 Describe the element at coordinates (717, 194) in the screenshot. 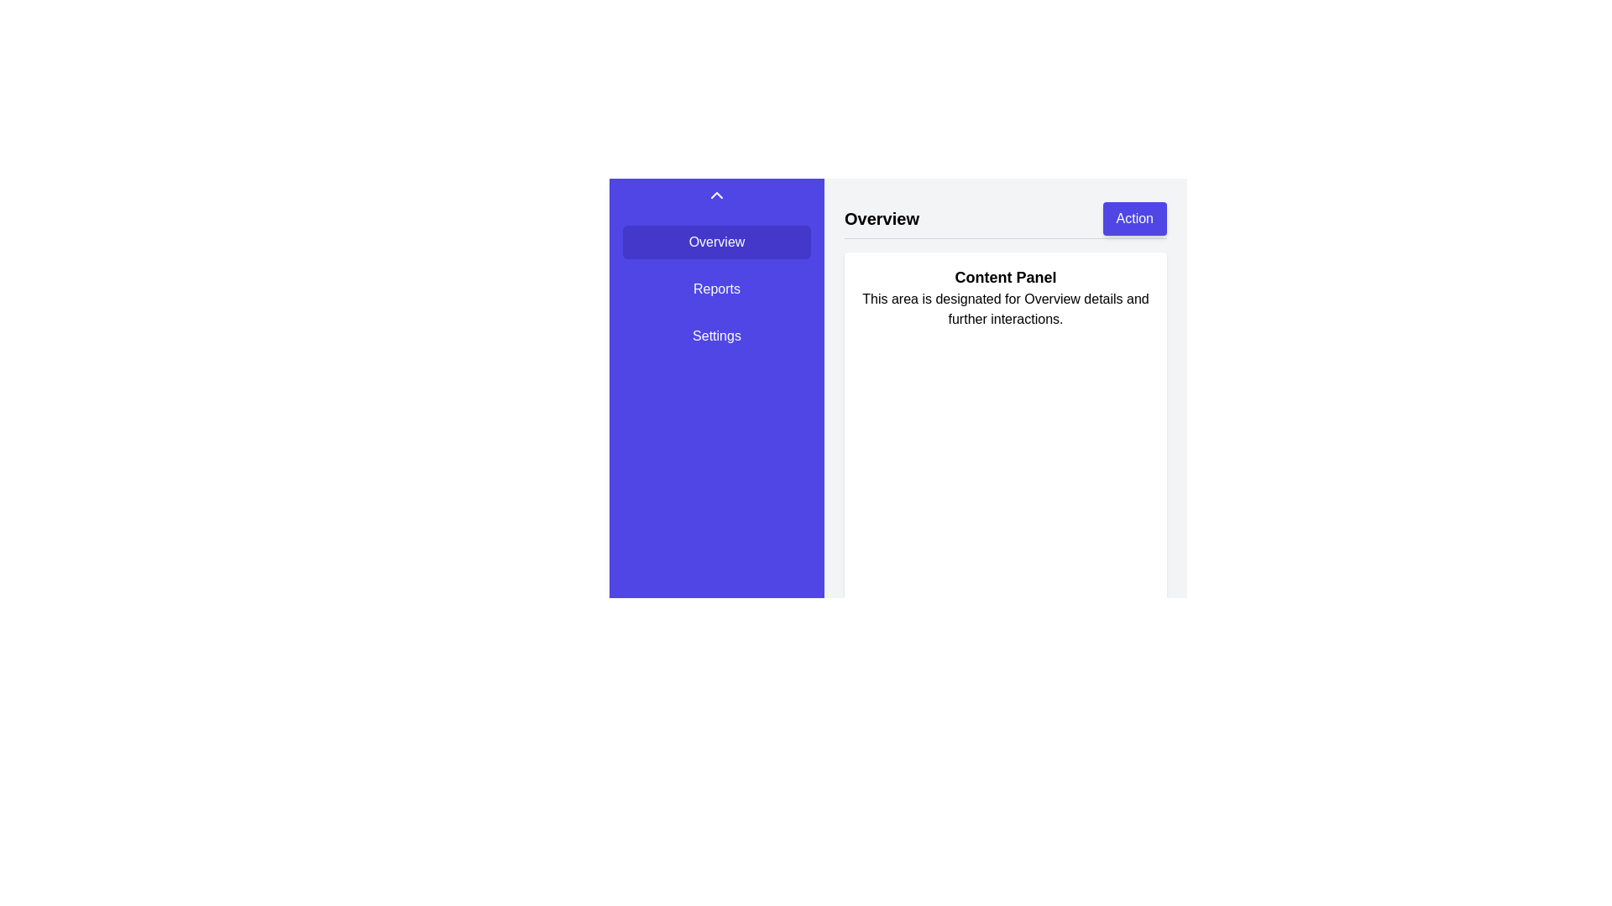

I see `the icon that indicates collapsing or expanding a menu, located at the top center of the purple navigation panel above the 'Overview', 'Reports', and 'Settings' menu options` at that location.